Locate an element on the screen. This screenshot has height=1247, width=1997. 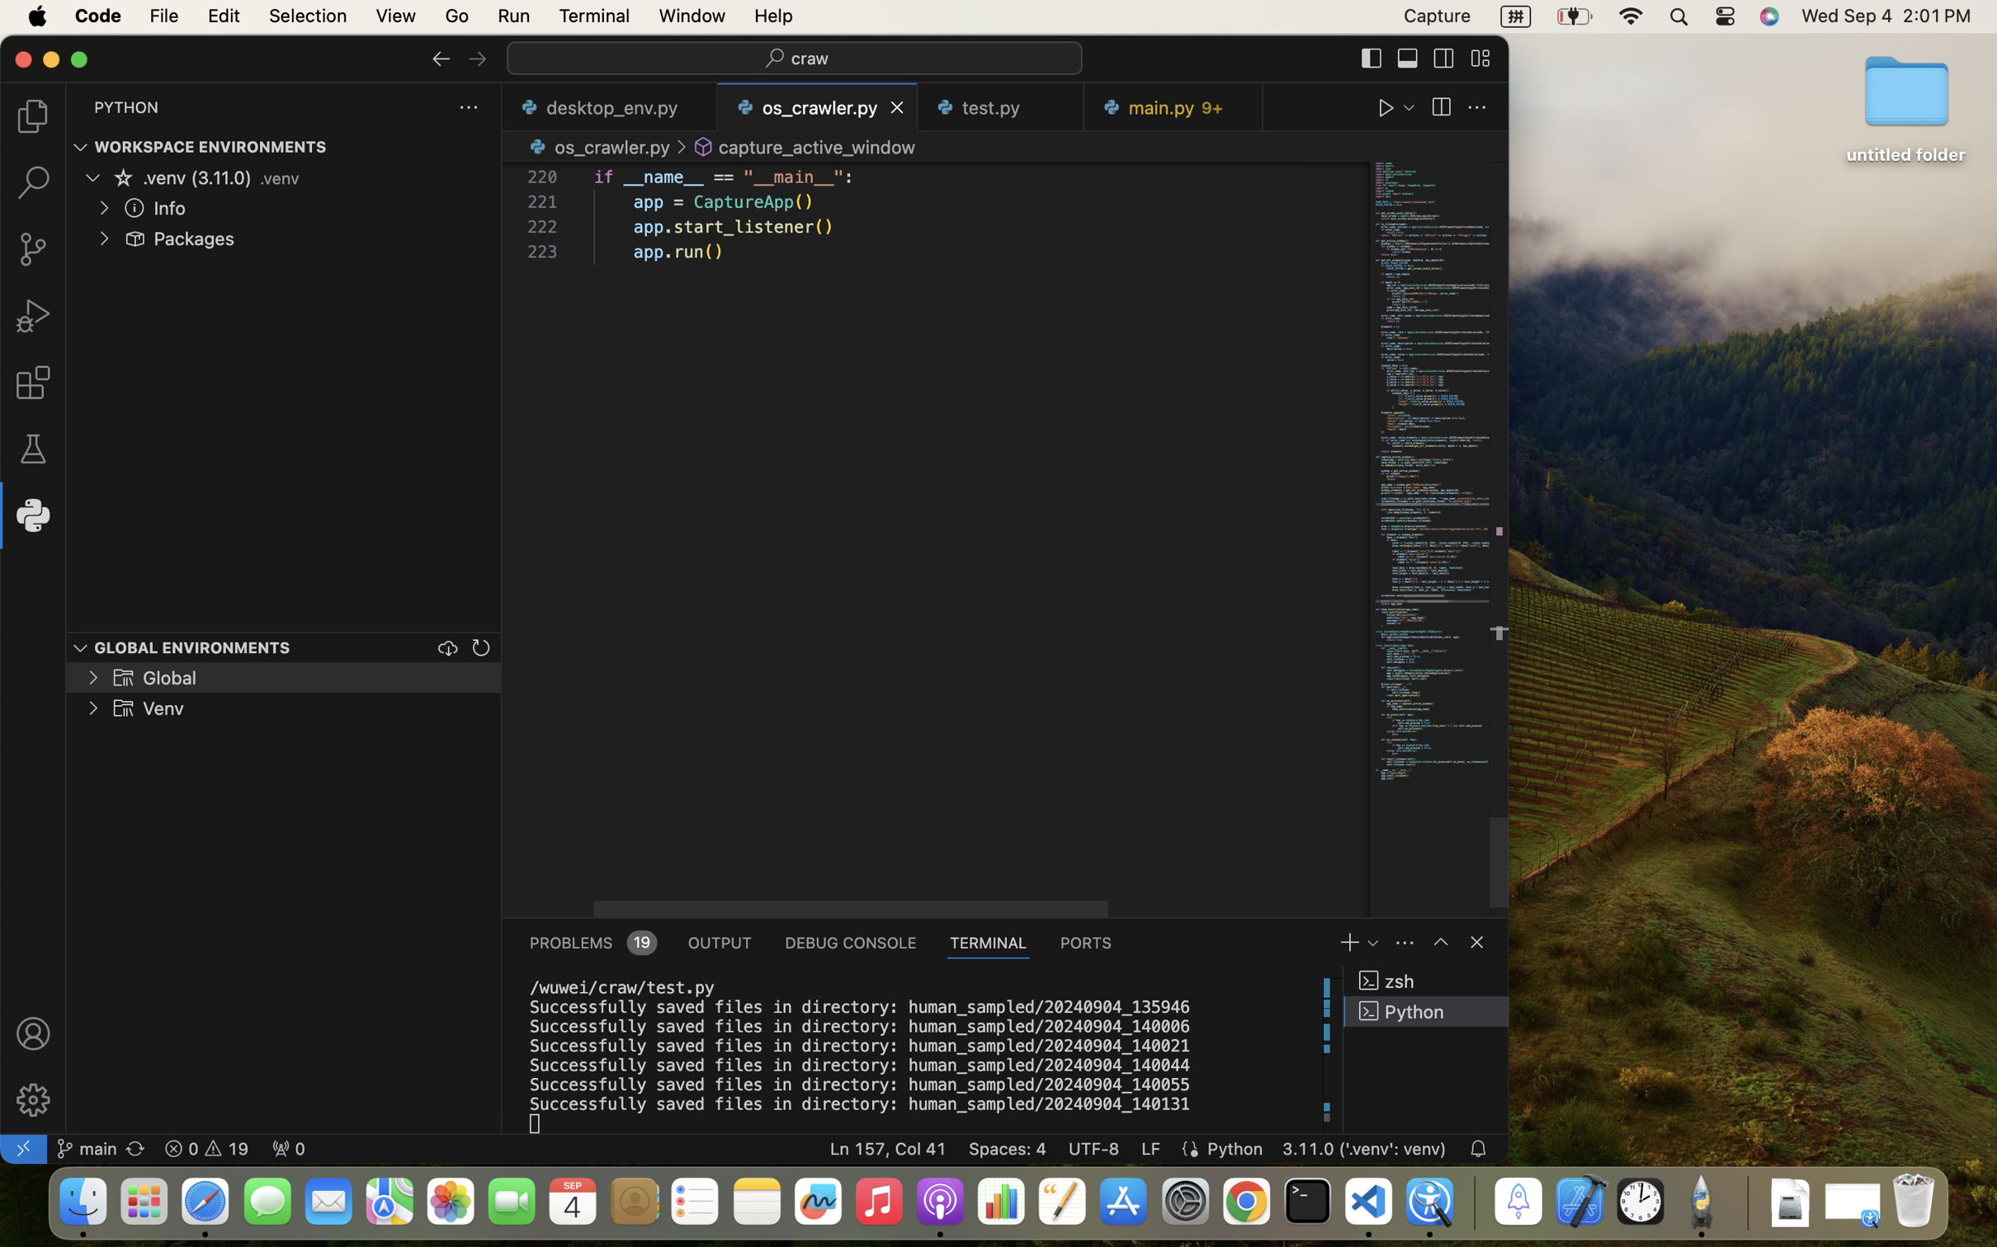
'' is located at coordinates (122, 176).